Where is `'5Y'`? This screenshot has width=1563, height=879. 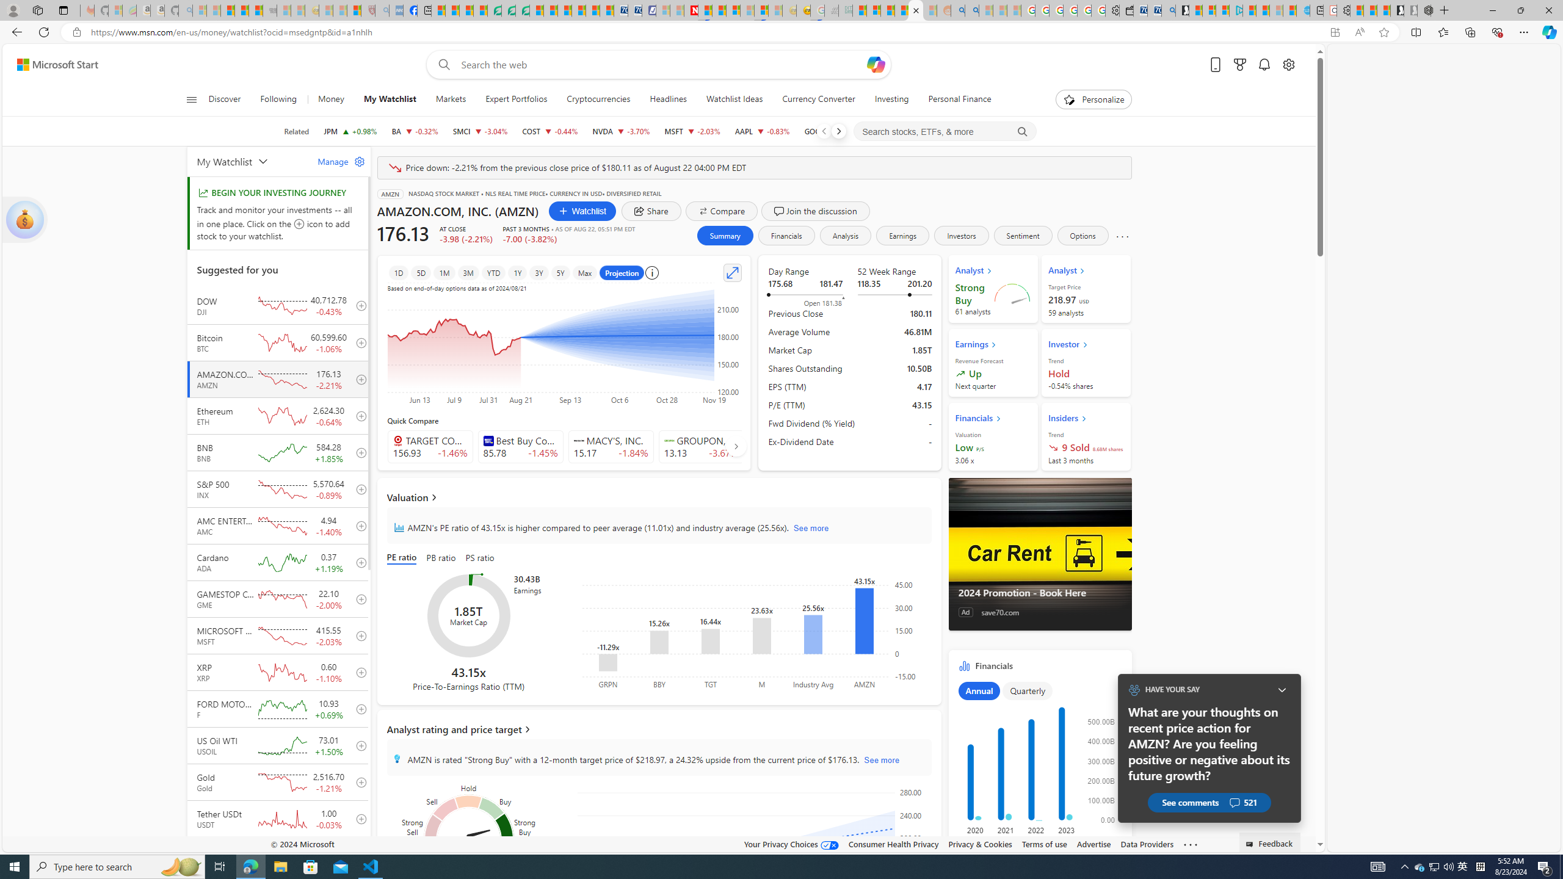 '5Y' is located at coordinates (560, 273).